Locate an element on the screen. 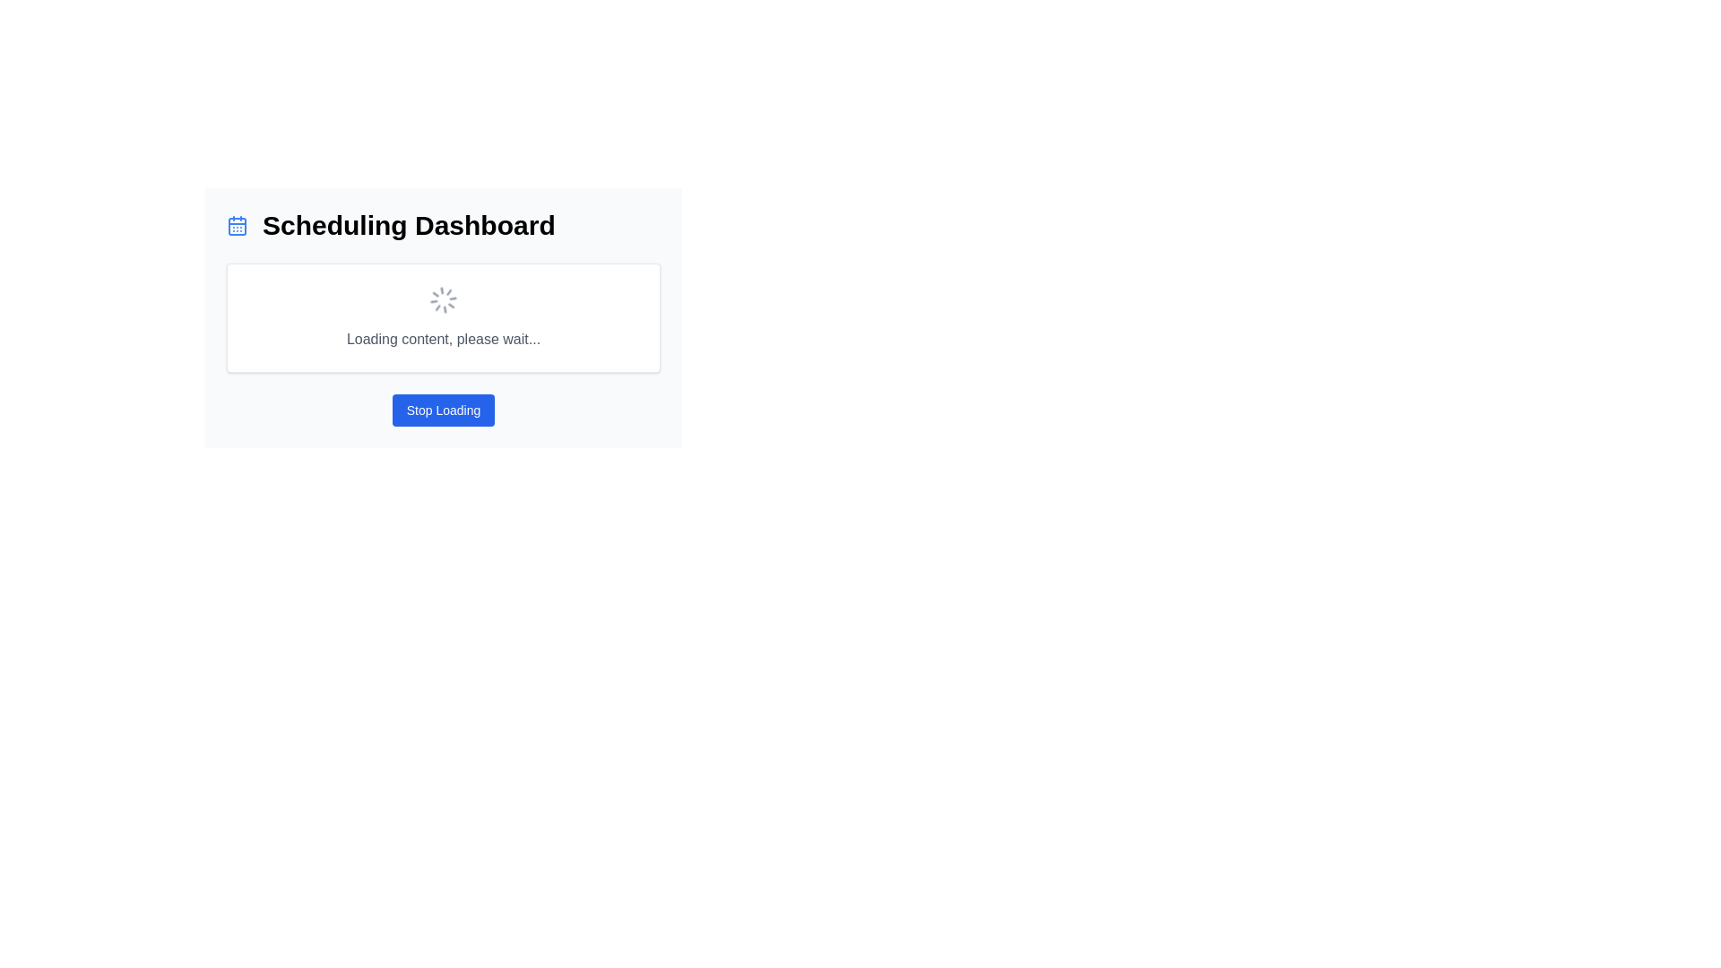 The width and height of the screenshot is (1721, 968). the rounded rectangle element with a light blue background that is part of the calendar icon, located at the center of the icon, which is to the left of the 'Scheduling Dashboard' text is located at coordinates (236, 226).